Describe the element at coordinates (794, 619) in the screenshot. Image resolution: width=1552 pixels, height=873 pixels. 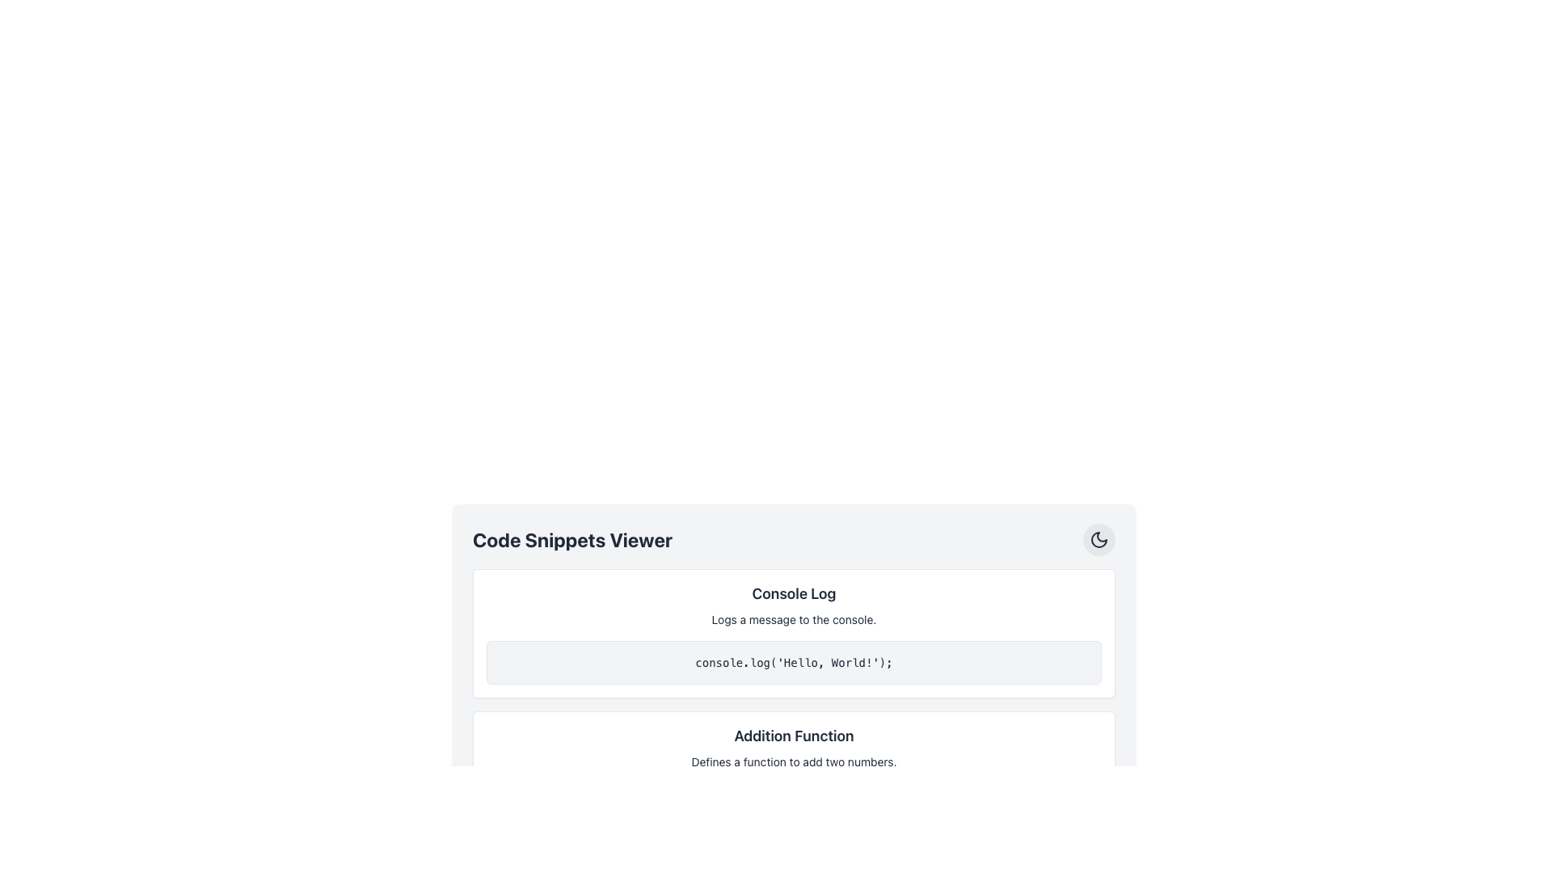
I see `text description from the Text Label displaying 'Logs a message to the console.' located below the title 'Console Log'` at that location.